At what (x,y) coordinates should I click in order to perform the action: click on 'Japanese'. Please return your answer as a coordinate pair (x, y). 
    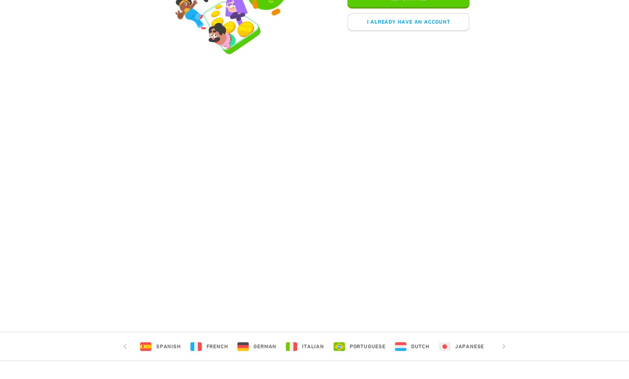
    Looking at the image, I should click on (469, 346).